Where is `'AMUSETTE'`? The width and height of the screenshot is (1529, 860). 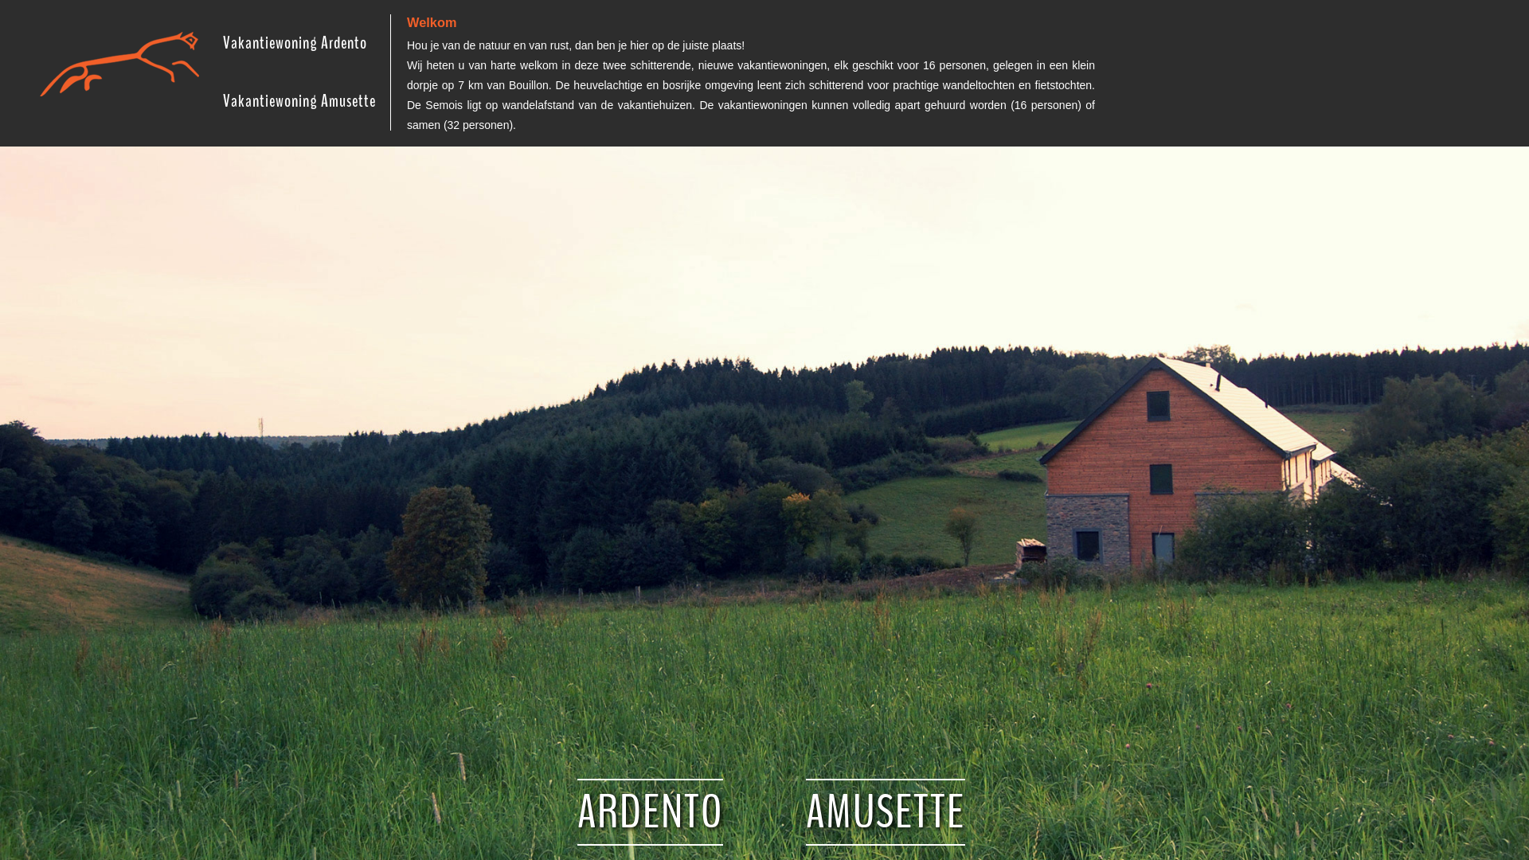
'AMUSETTE' is located at coordinates (885, 811).